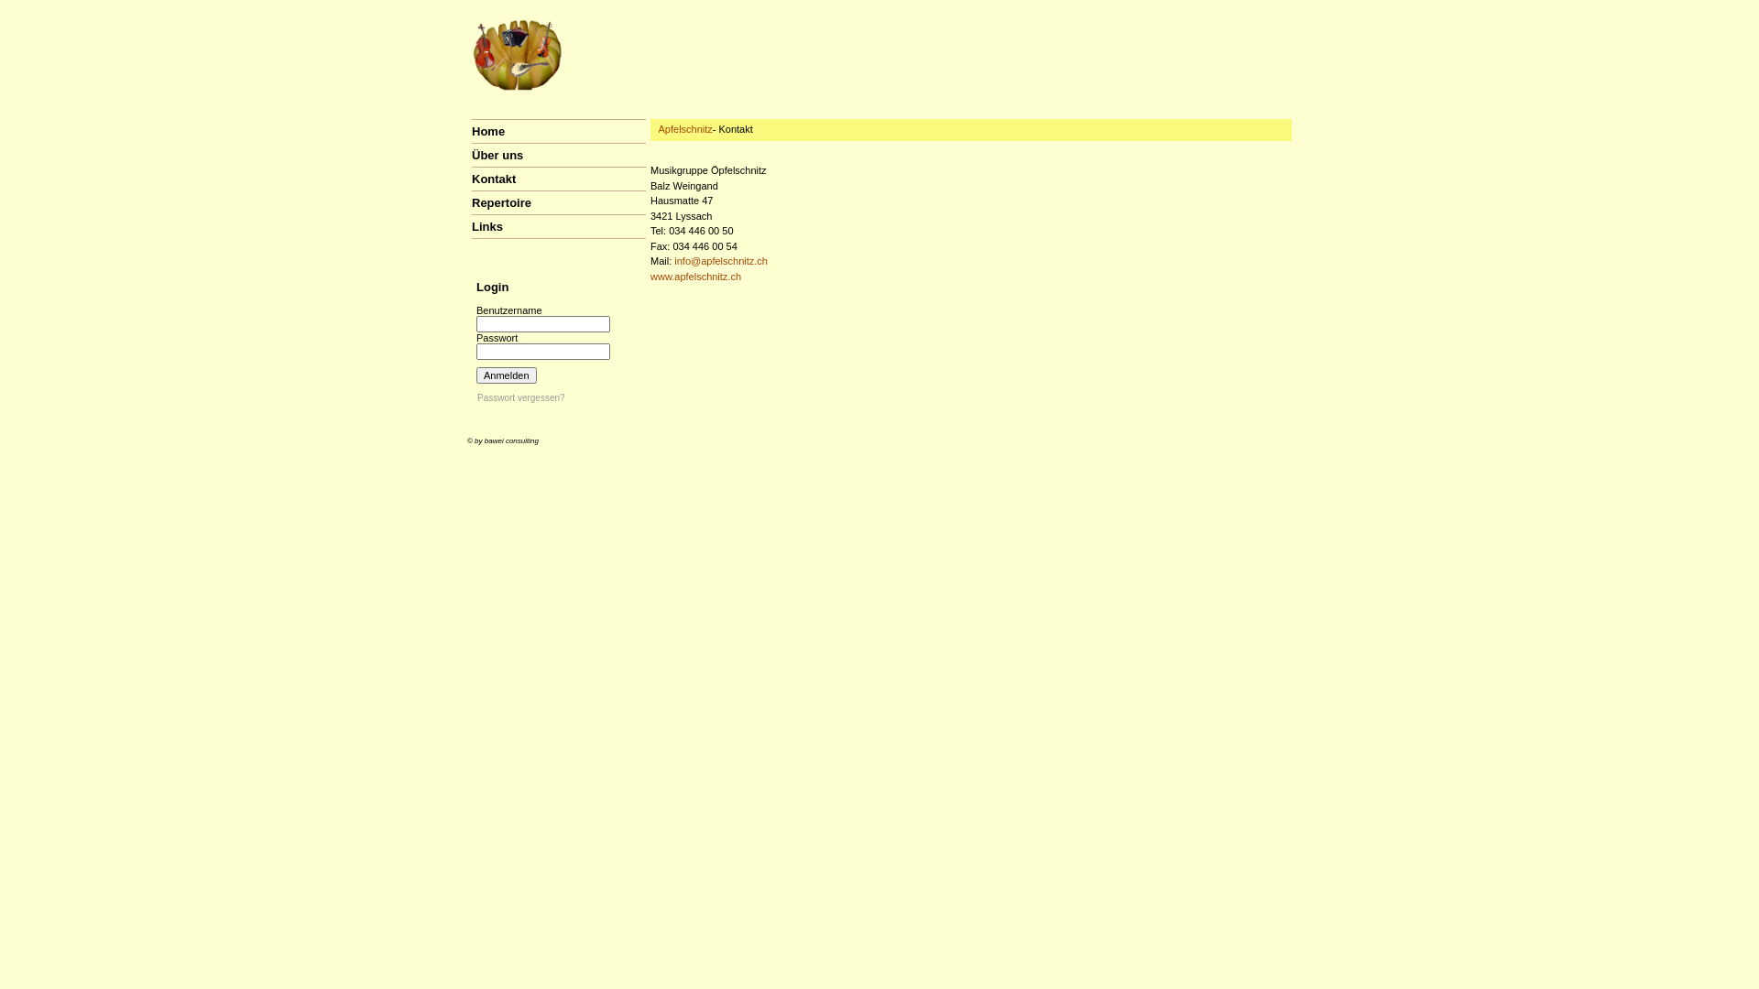  I want to click on ' ', so click(466, 237).